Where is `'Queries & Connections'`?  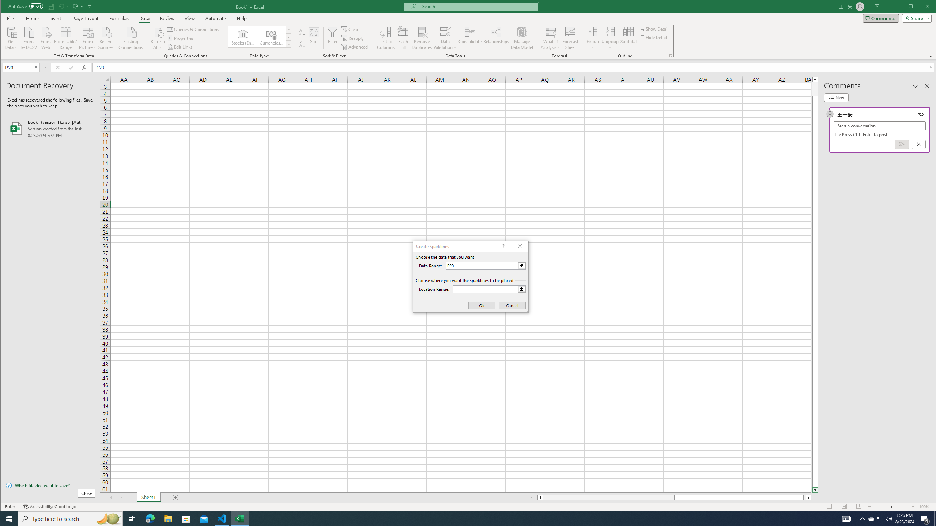
'Queries & Connections' is located at coordinates (193, 29).